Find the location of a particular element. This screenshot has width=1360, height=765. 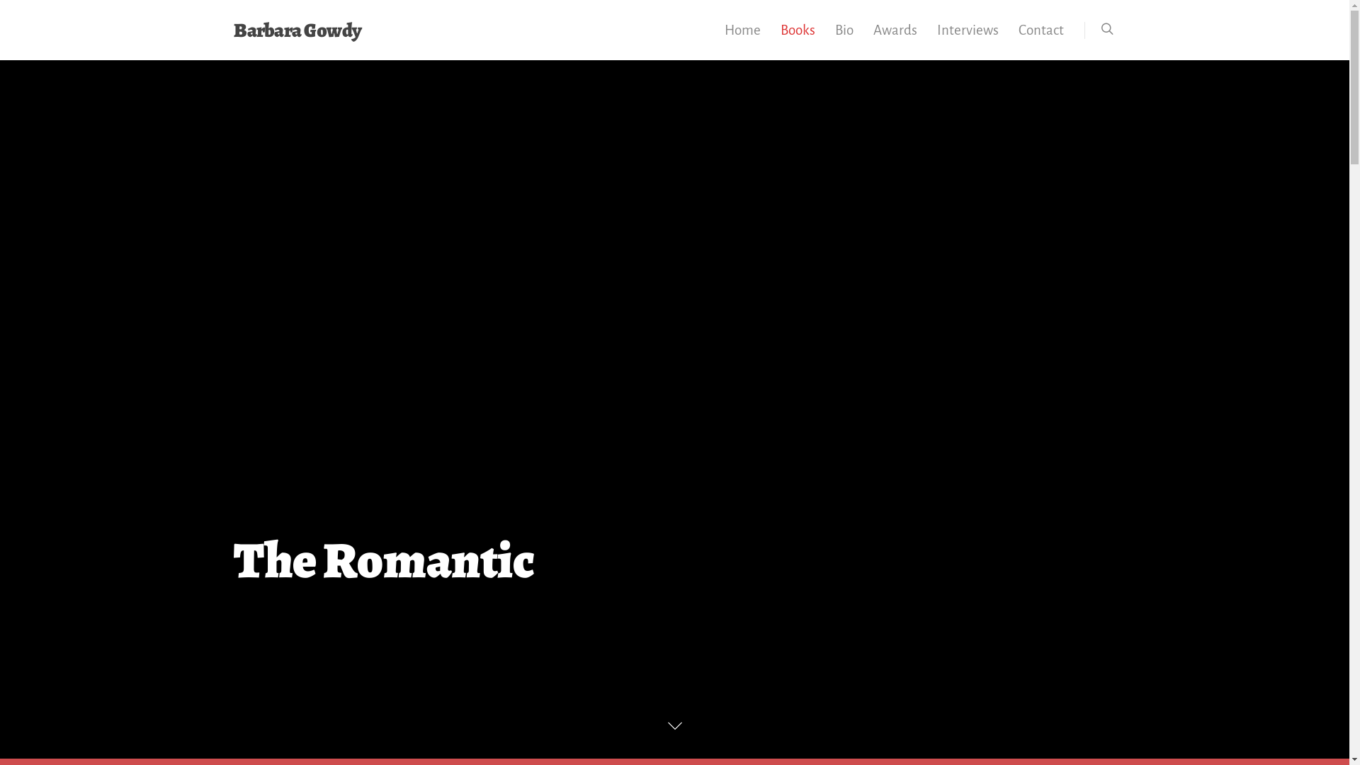

'Home' is located at coordinates (715, 39).